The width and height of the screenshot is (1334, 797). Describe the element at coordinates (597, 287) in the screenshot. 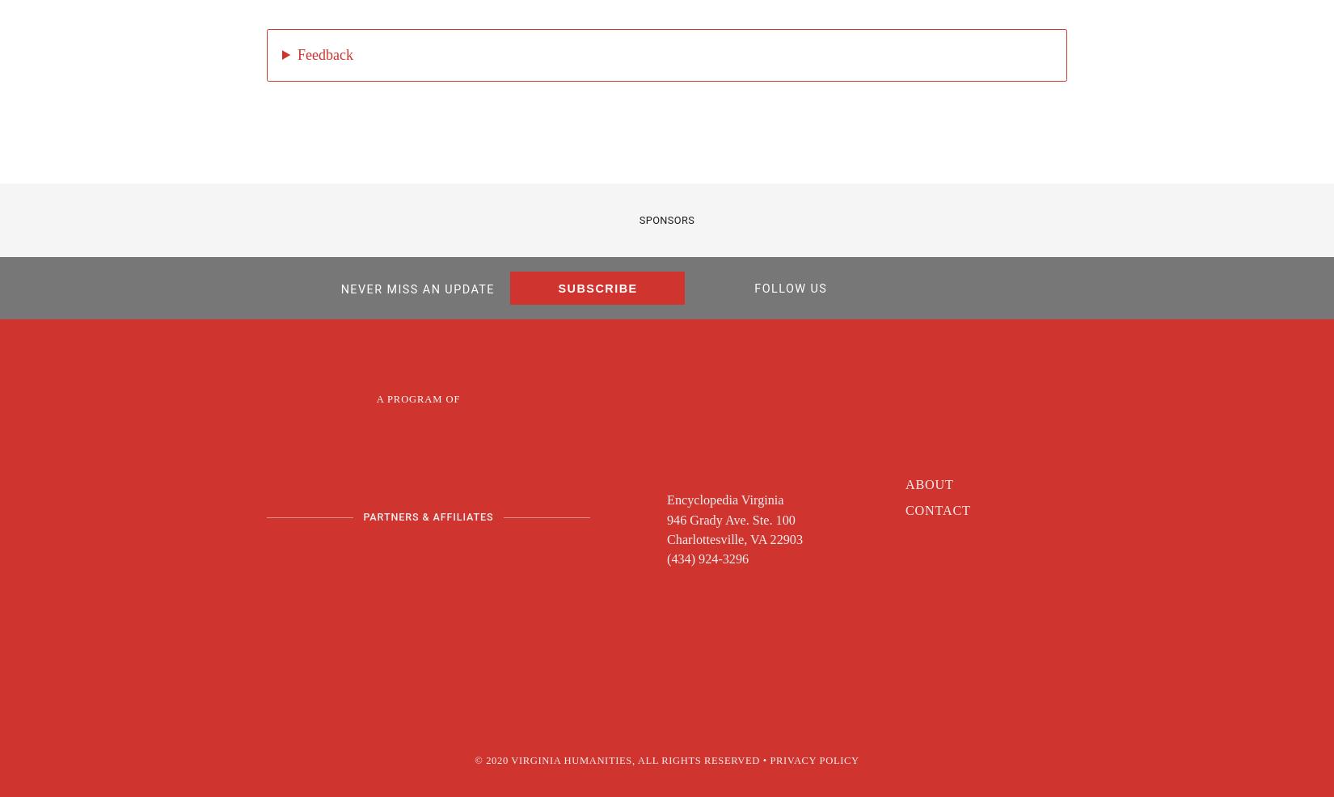

I see `'Subscribe'` at that location.